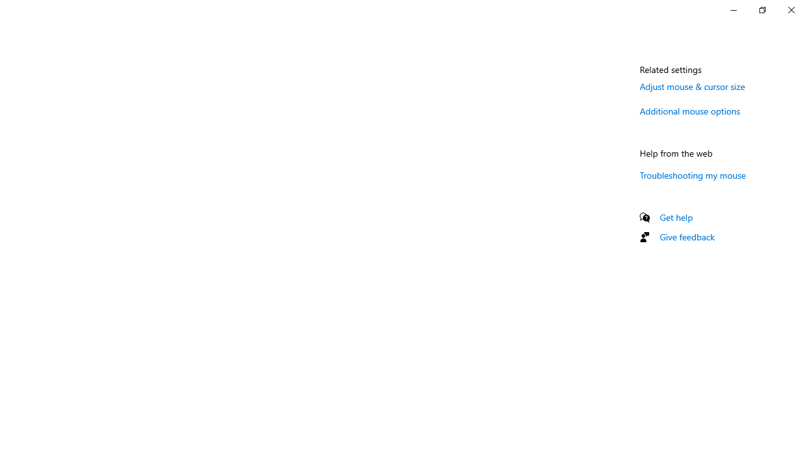  What do you see at coordinates (733, 9) in the screenshot?
I see `'Minimize Settings'` at bounding box center [733, 9].